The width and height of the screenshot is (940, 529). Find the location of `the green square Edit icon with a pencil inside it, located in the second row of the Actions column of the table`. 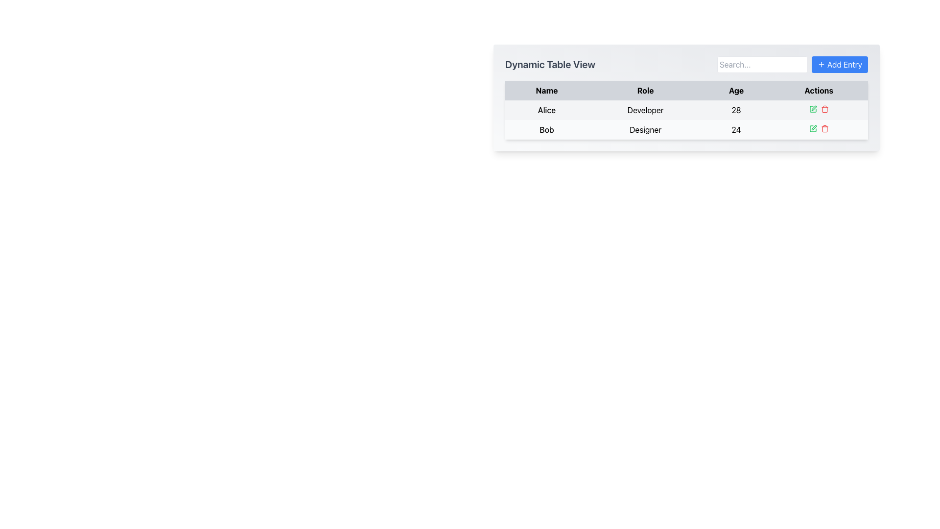

the green square Edit icon with a pencil inside it, located in the second row of the Actions column of the table is located at coordinates (813, 128).